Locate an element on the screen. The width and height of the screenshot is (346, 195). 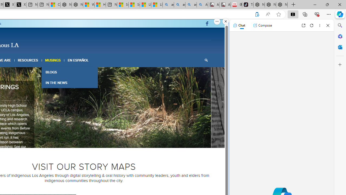
'Open link in new tab' is located at coordinates (303, 25).